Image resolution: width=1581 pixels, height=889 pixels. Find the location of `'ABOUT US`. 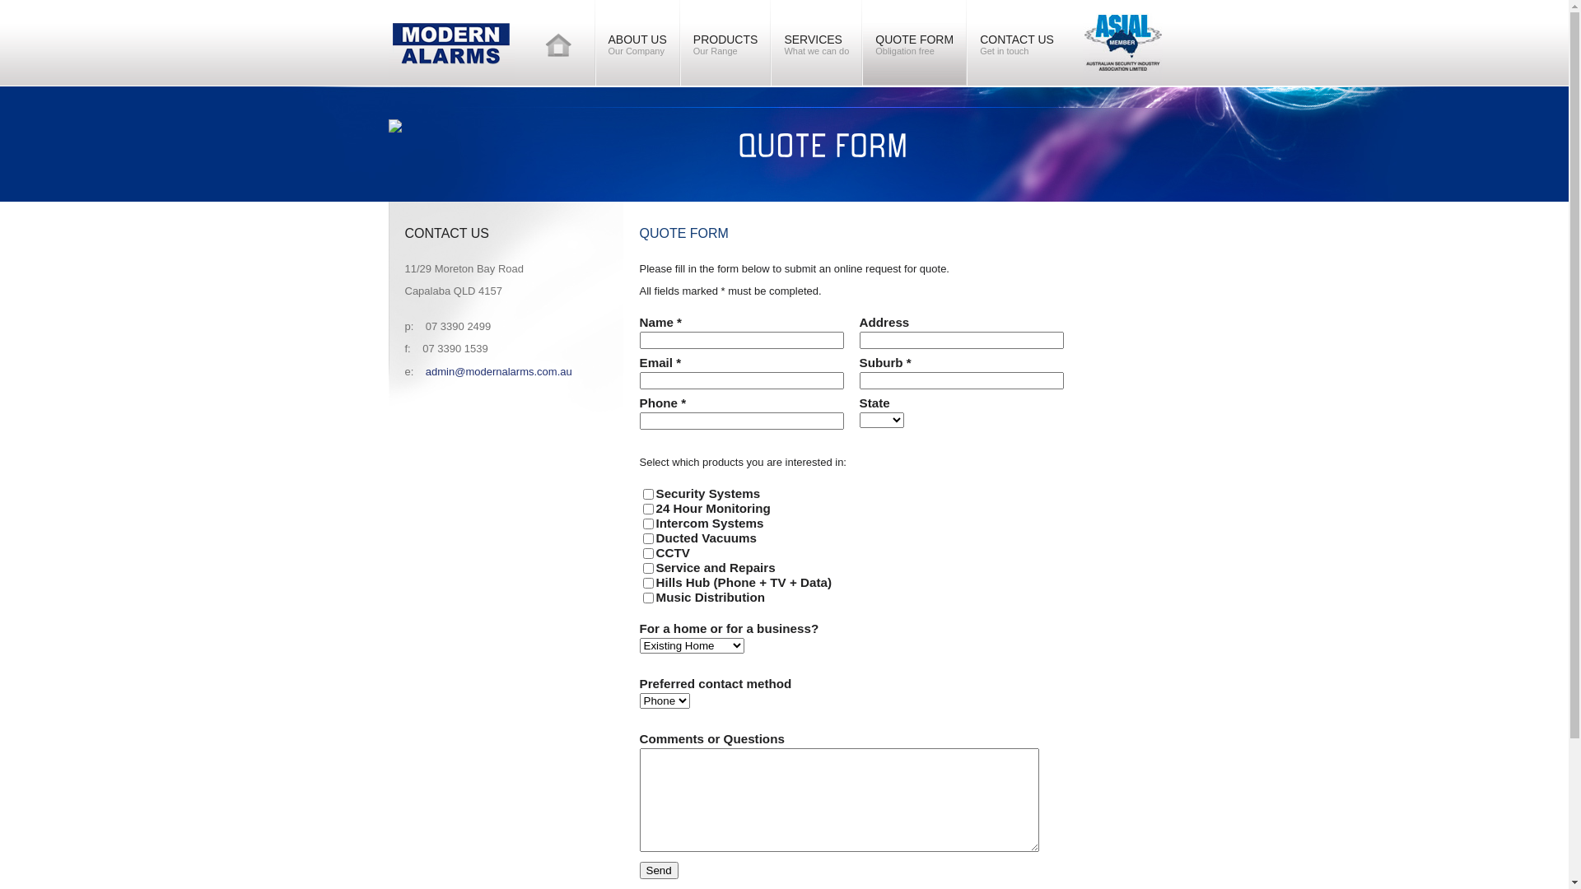

'ABOUT US is located at coordinates (637, 41).